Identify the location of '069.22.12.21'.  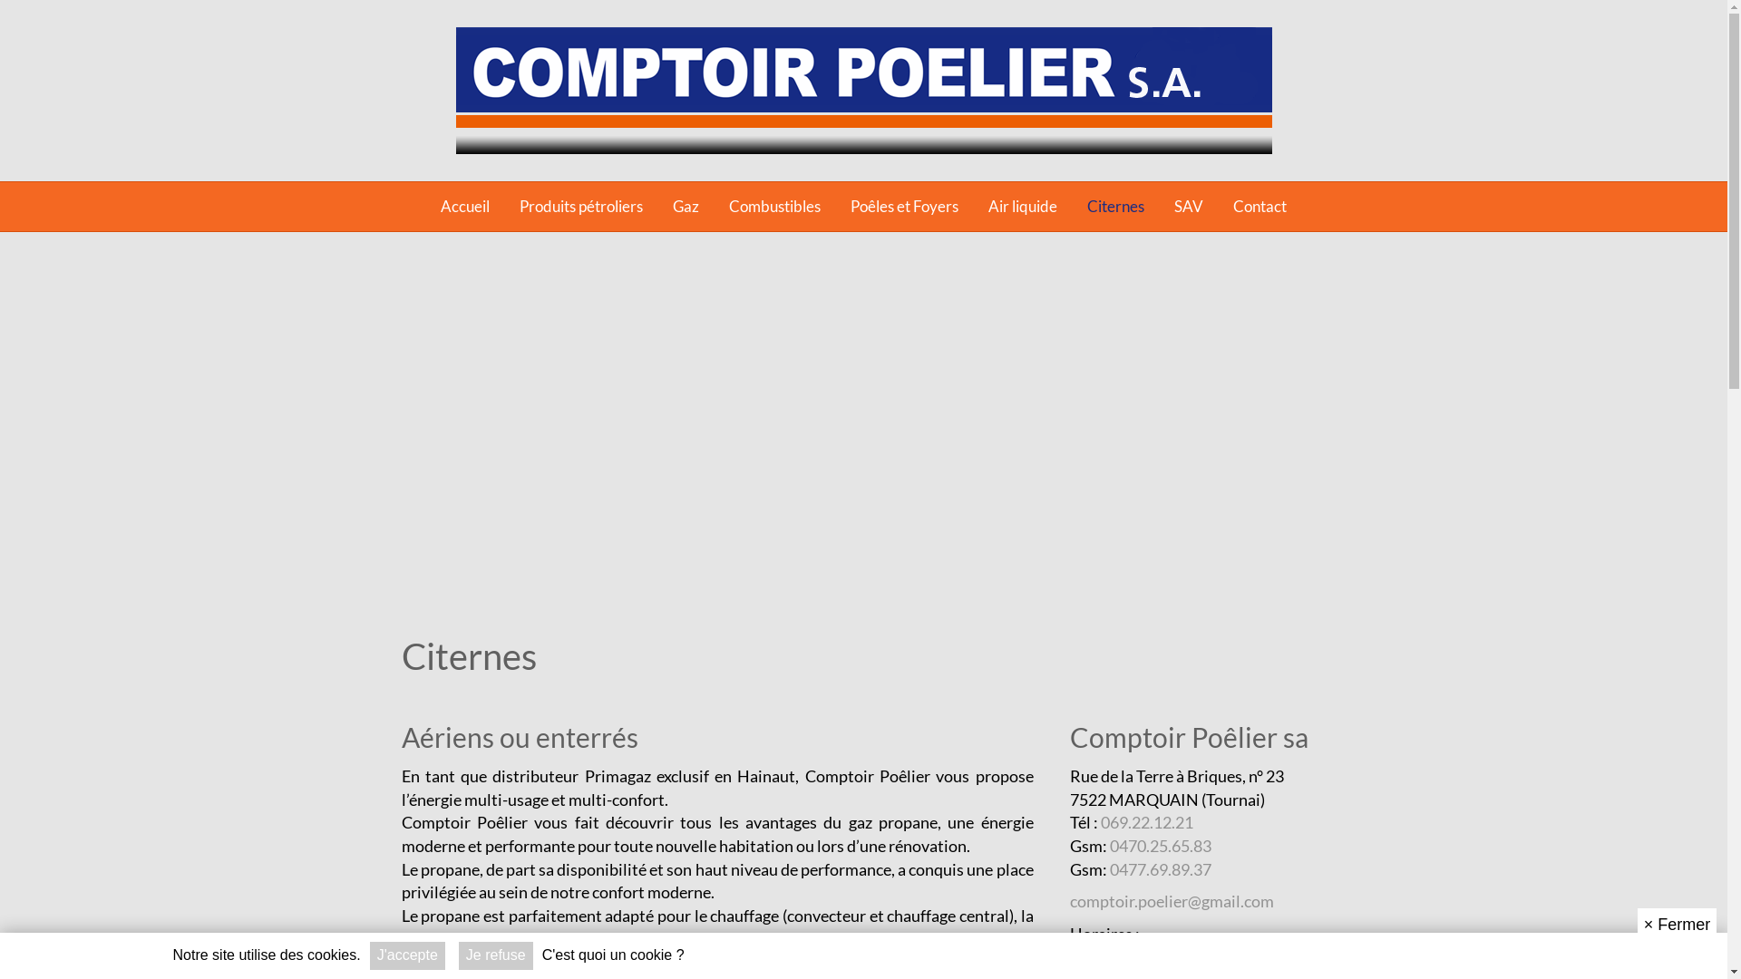
(1146, 821).